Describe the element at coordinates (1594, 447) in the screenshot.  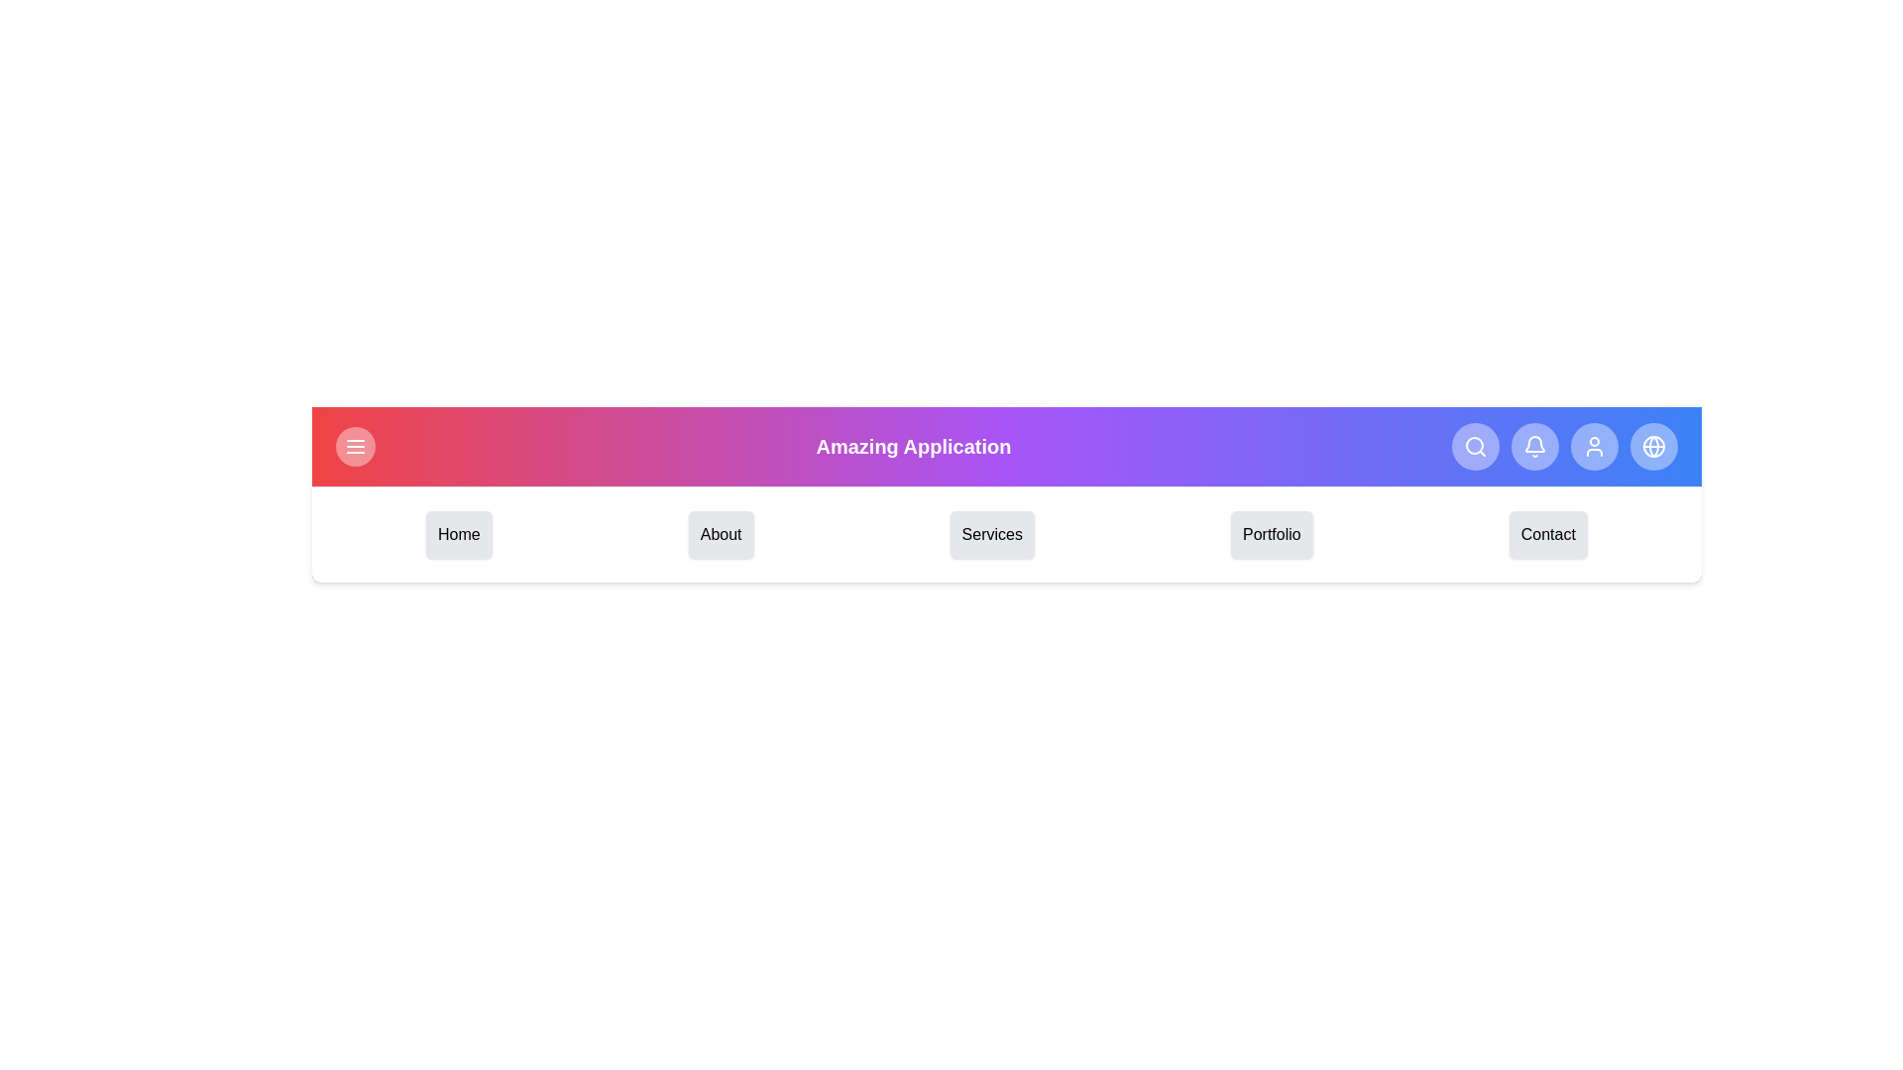
I see `the User navigation button` at that location.